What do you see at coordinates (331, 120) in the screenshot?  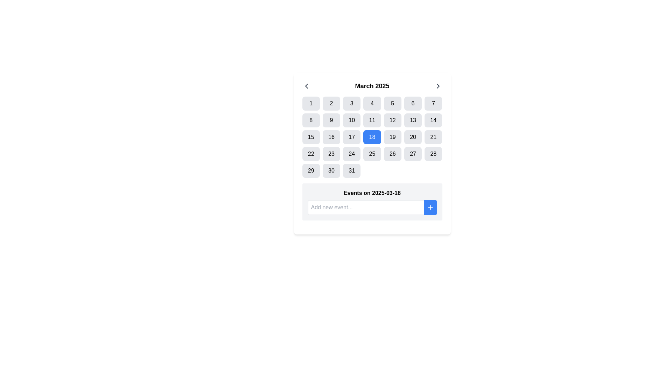 I see `the interactive button representing the date '9' in the March 2025 calendar grid` at bounding box center [331, 120].